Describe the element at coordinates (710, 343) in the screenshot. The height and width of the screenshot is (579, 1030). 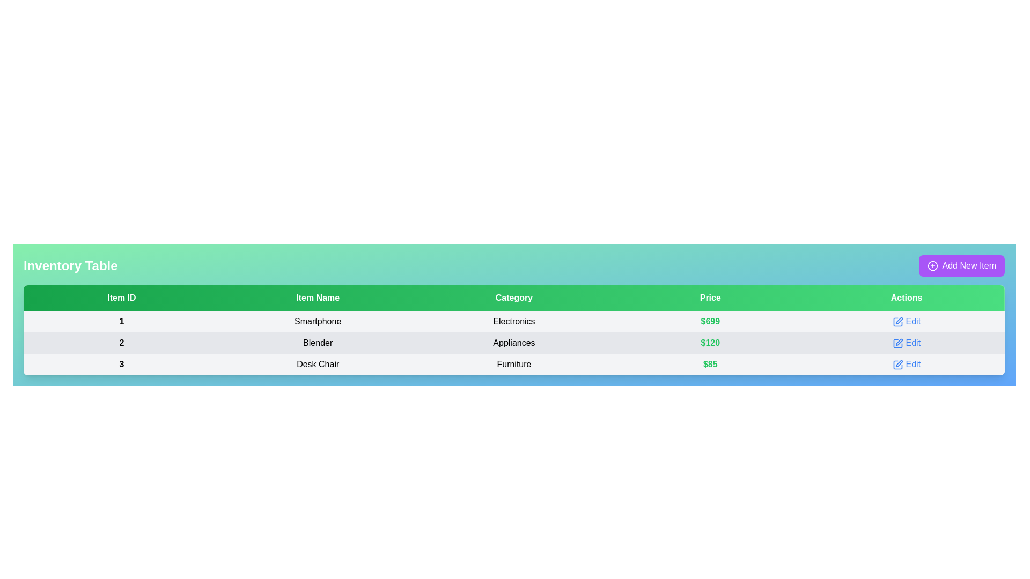
I see `the static text element displaying '$120' in green color, which is positioned under the 'Price' column in the second row of the table for 'Blender'` at that location.